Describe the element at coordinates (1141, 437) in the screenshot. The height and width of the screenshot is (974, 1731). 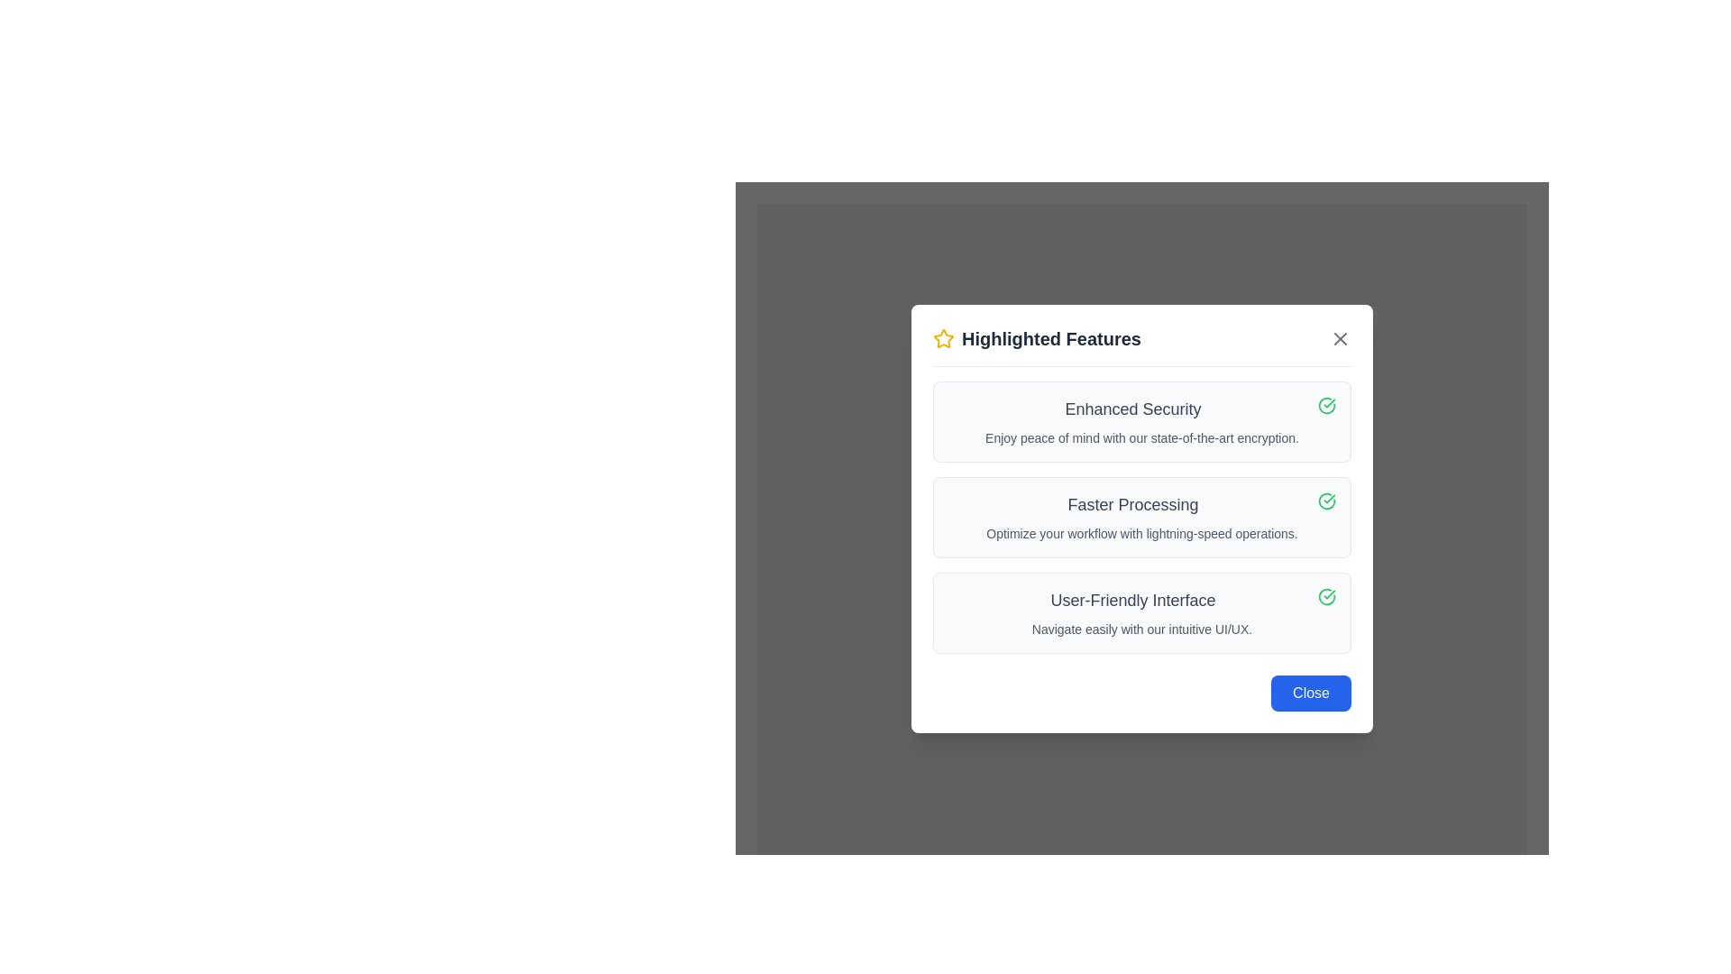
I see `the text element displaying 'Enjoy peace of mind with our state-of-the-art encryption.' located below the 'Enhanced Security' header` at that location.